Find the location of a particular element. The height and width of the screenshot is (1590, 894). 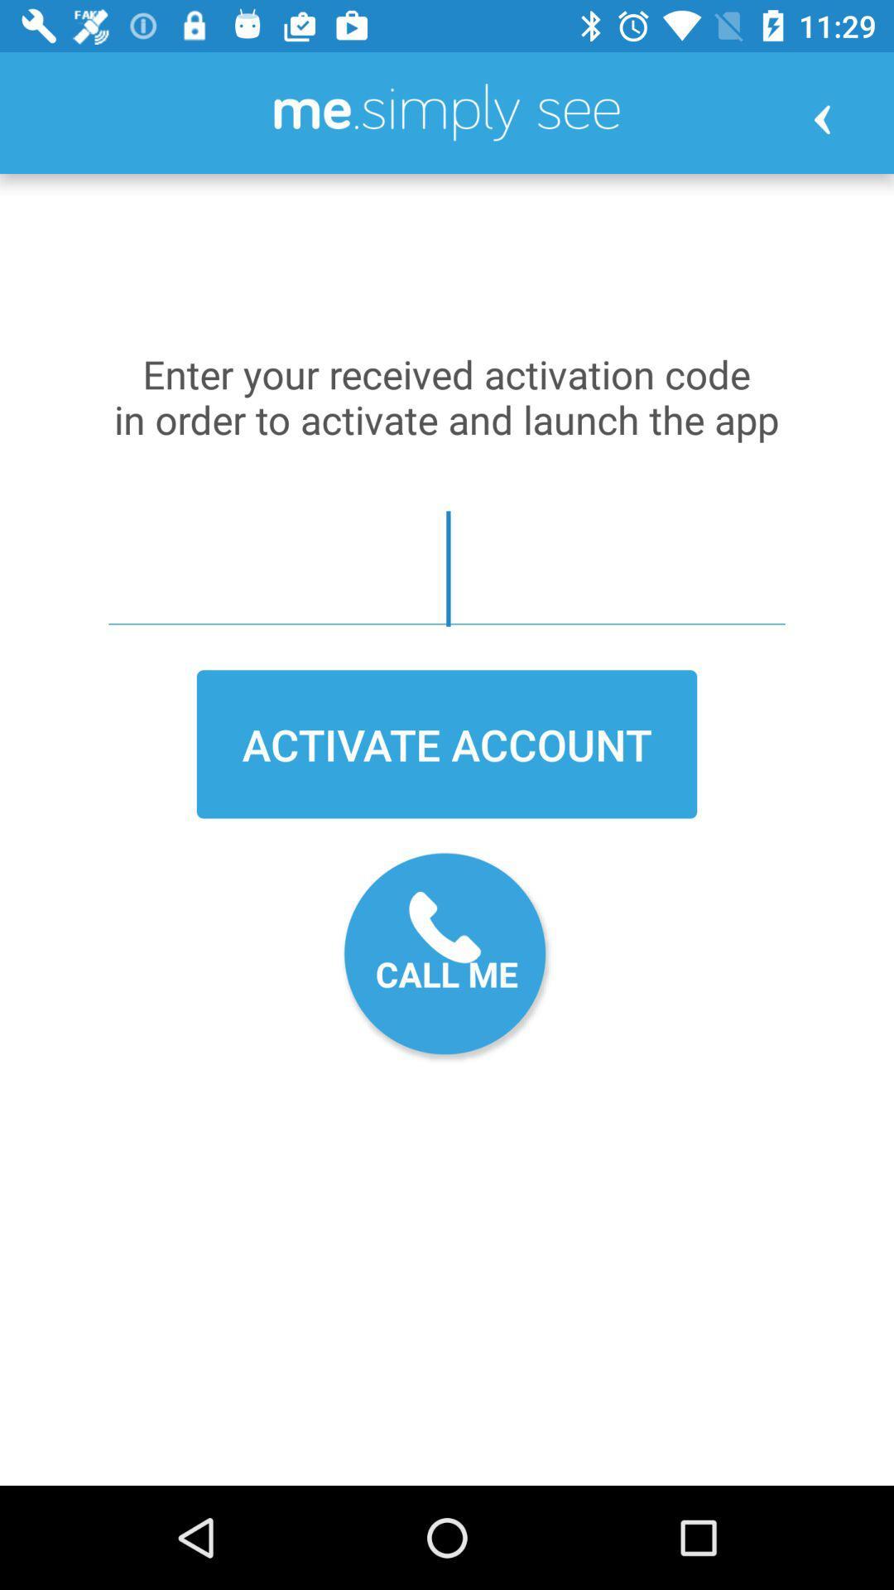

activate account icon is located at coordinates (447, 743).